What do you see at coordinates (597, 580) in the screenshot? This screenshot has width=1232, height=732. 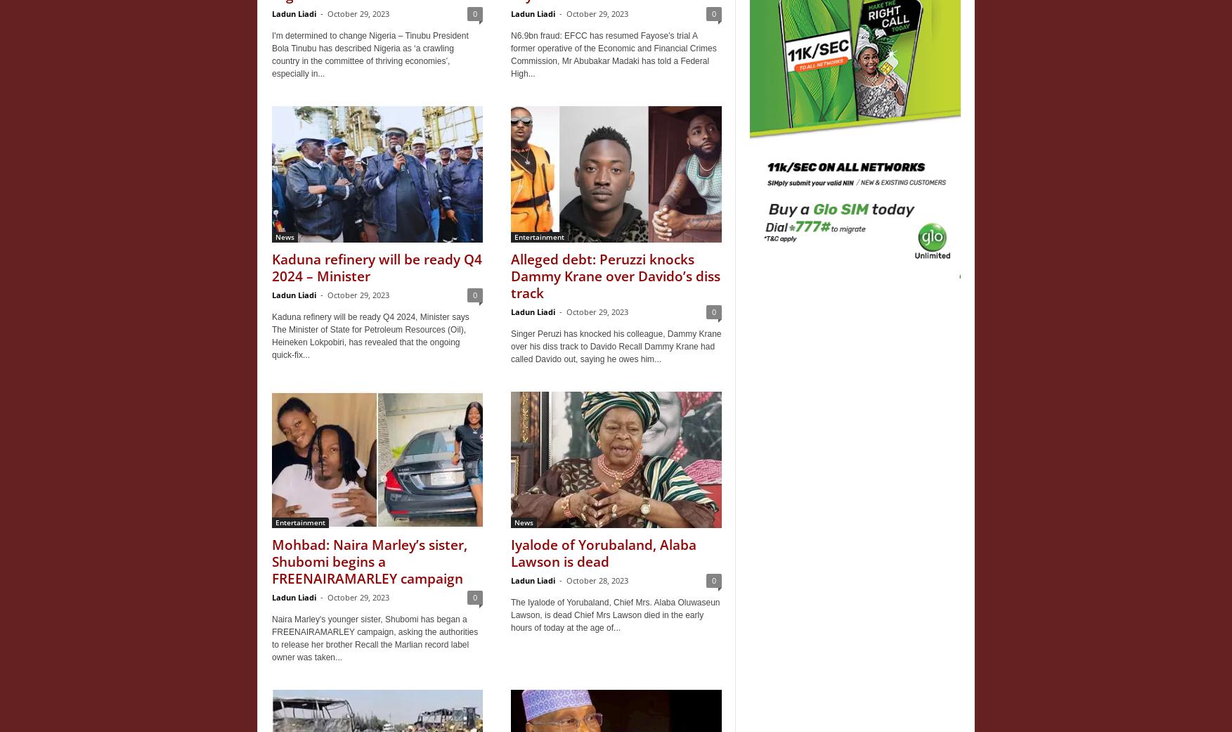 I see `'October 28, 2023'` at bounding box center [597, 580].